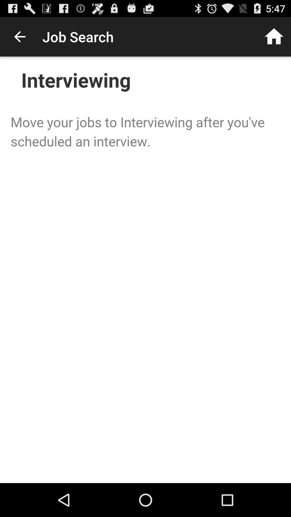  Describe the element at coordinates (145, 270) in the screenshot. I see `search page` at that location.